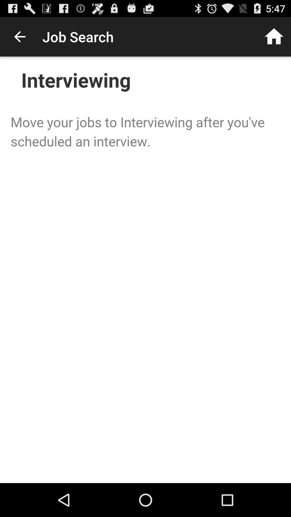  Describe the element at coordinates (145, 270) in the screenshot. I see `search page` at that location.